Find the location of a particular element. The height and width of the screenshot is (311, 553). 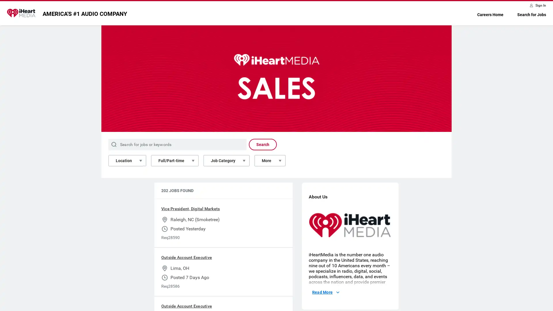

Search is located at coordinates (262, 144).